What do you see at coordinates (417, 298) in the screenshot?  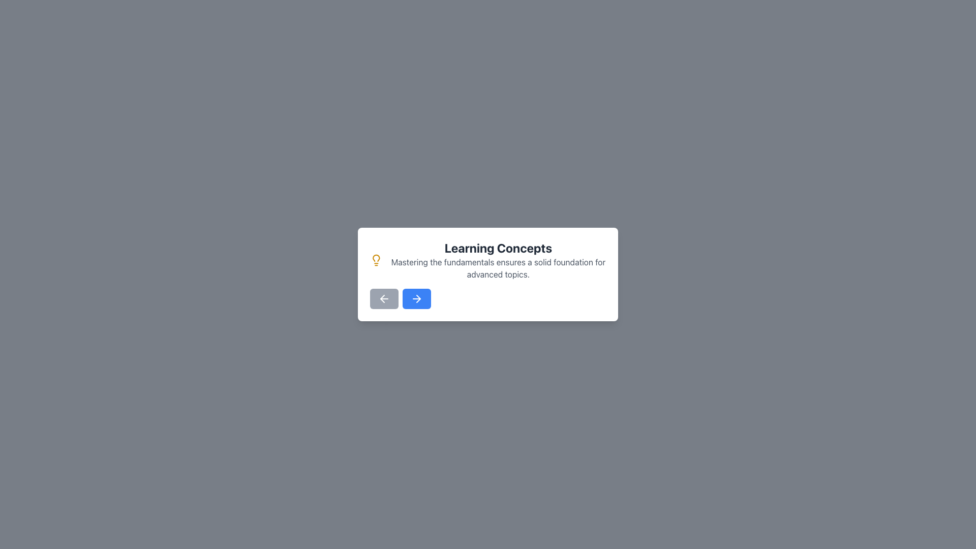 I see `the blue button with a curved rectangular shape and a white right-pointing arrow icon` at bounding box center [417, 298].